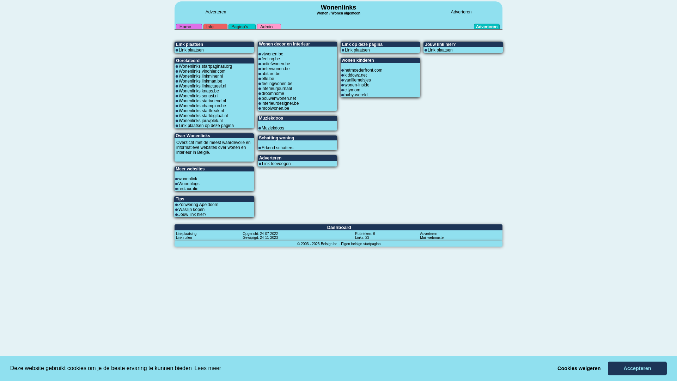 The height and width of the screenshot is (381, 677). Describe the element at coordinates (261, 147) in the screenshot. I see `'Erkend schatters'` at that location.